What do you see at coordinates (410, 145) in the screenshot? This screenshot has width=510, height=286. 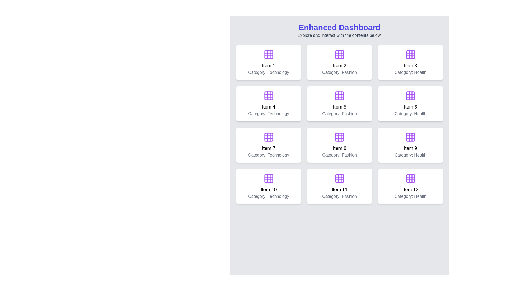 I see `the 'Item 9' card in the 3rd column of the 3rd row on the dashboard, which represents health information` at bounding box center [410, 145].